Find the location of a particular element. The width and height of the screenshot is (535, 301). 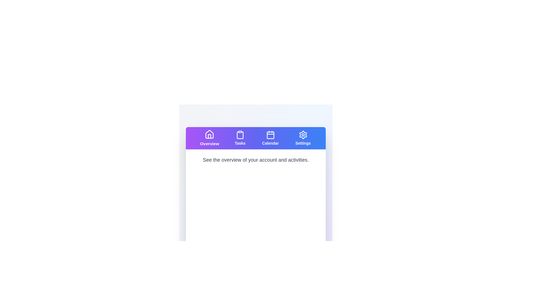

text label 'Overview' which is styled in bold and located in the first button-like component of the top horizontal navigation bar, highlighted with a gradient purple background is located at coordinates (209, 144).